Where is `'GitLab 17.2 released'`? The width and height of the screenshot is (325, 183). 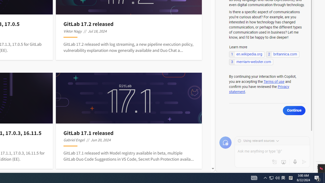 'GitLab 17.2 released' is located at coordinates (129, 24).